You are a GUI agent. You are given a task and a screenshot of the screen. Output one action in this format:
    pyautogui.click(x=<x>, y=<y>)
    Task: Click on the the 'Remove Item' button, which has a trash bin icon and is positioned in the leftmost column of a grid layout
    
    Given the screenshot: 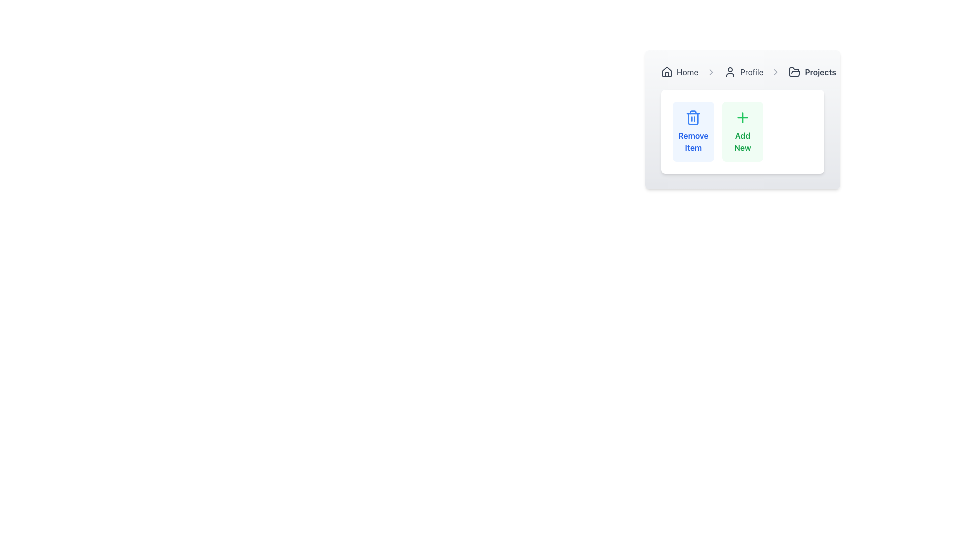 What is the action you would take?
    pyautogui.click(x=692, y=131)
    